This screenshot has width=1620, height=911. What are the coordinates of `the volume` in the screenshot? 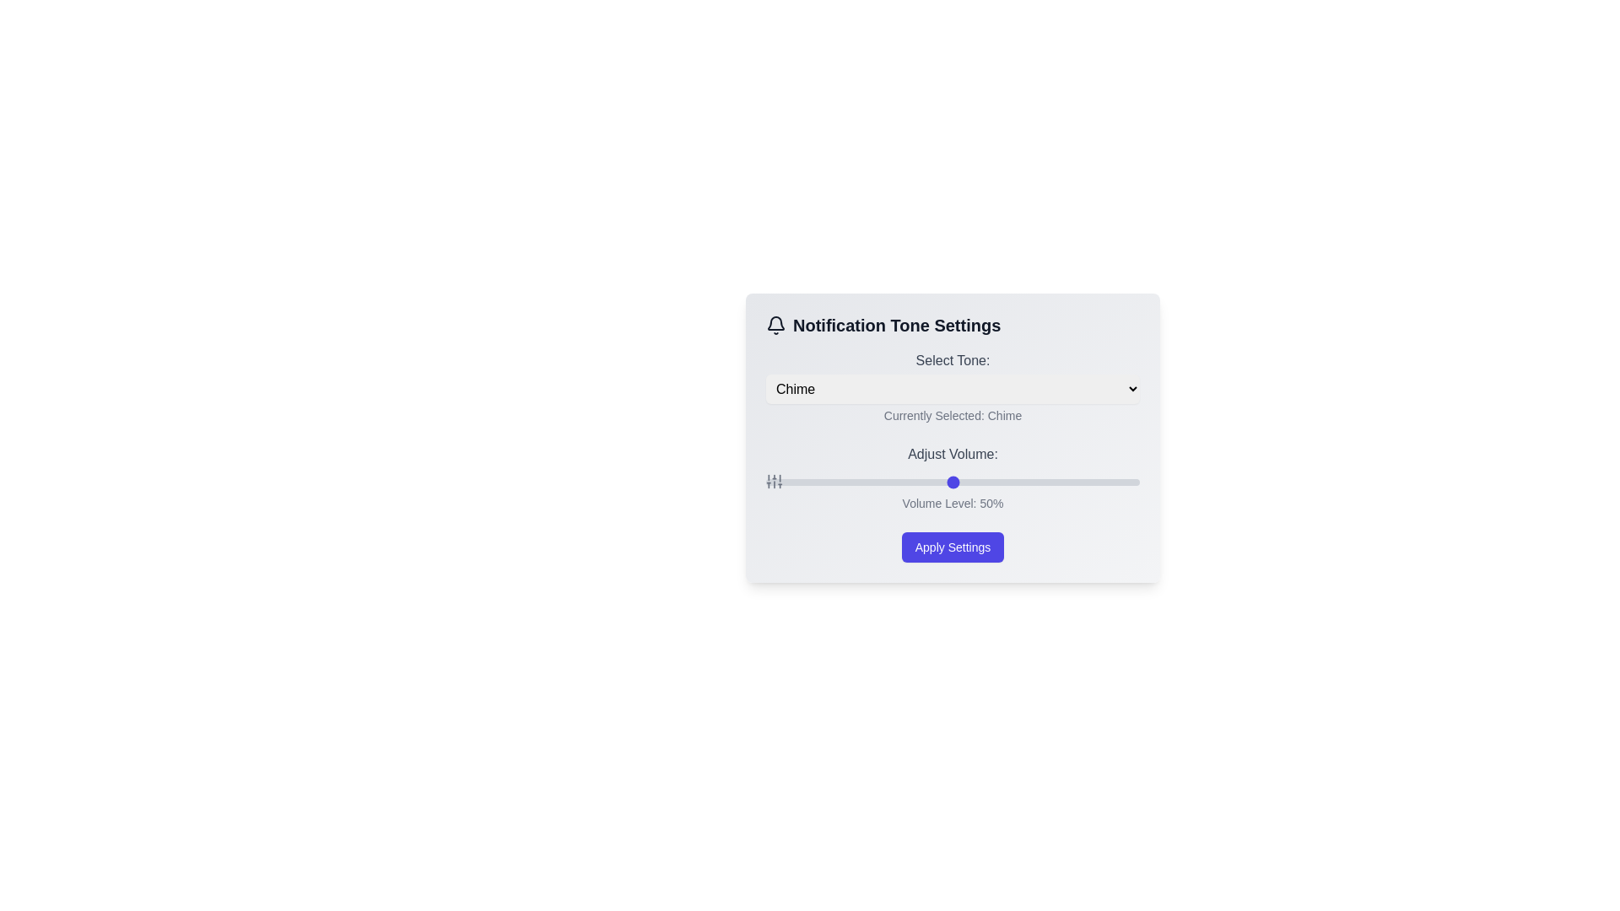 It's located at (1132, 482).